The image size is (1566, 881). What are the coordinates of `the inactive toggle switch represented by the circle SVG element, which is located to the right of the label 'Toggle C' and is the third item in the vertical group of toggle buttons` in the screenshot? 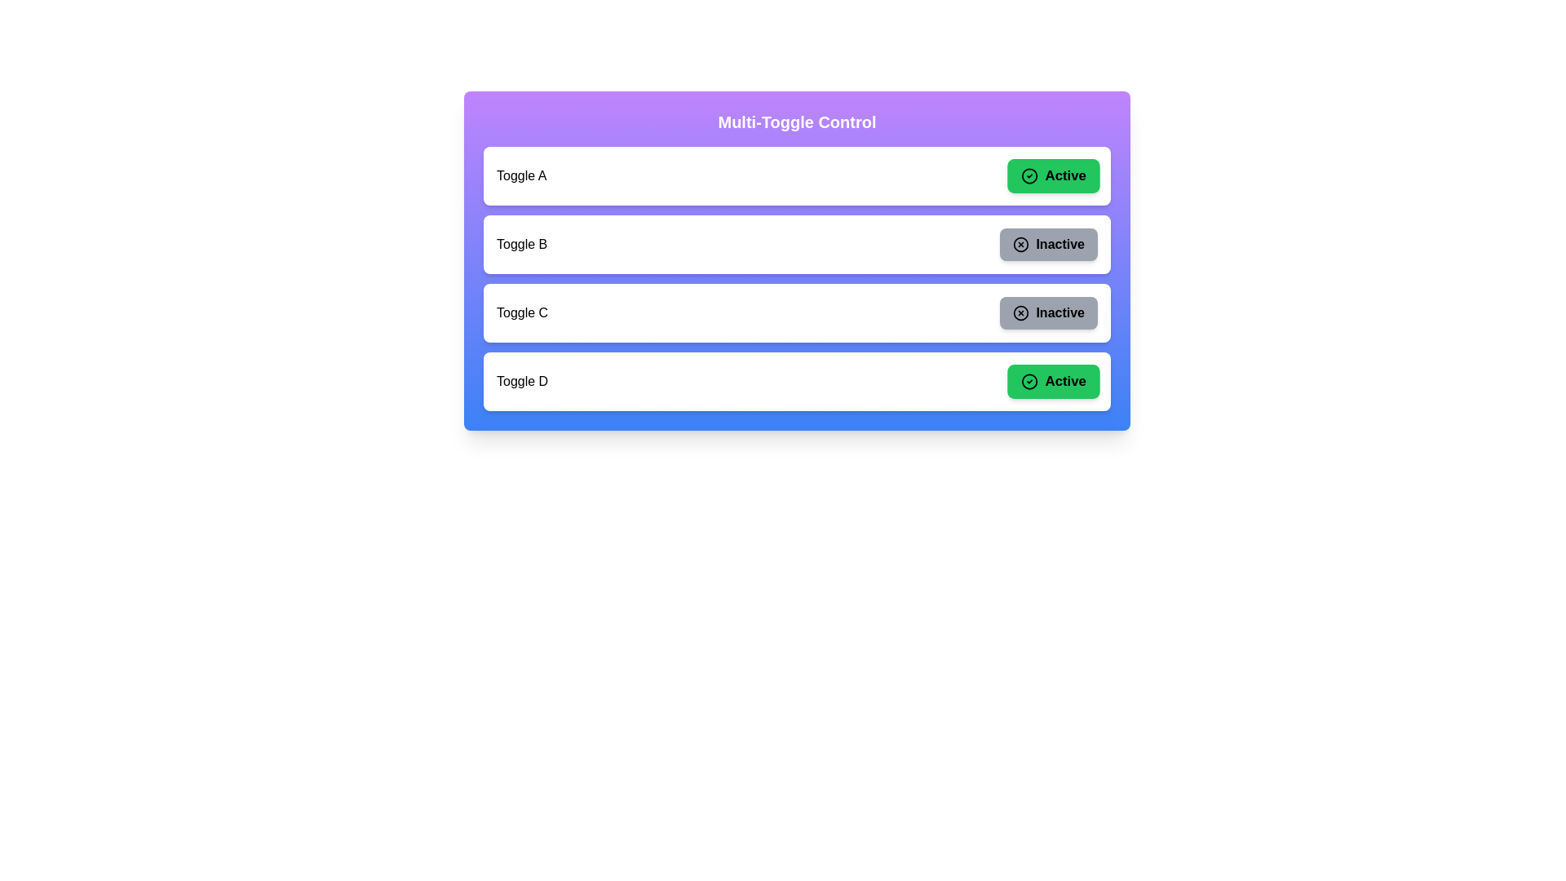 It's located at (1020, 313).